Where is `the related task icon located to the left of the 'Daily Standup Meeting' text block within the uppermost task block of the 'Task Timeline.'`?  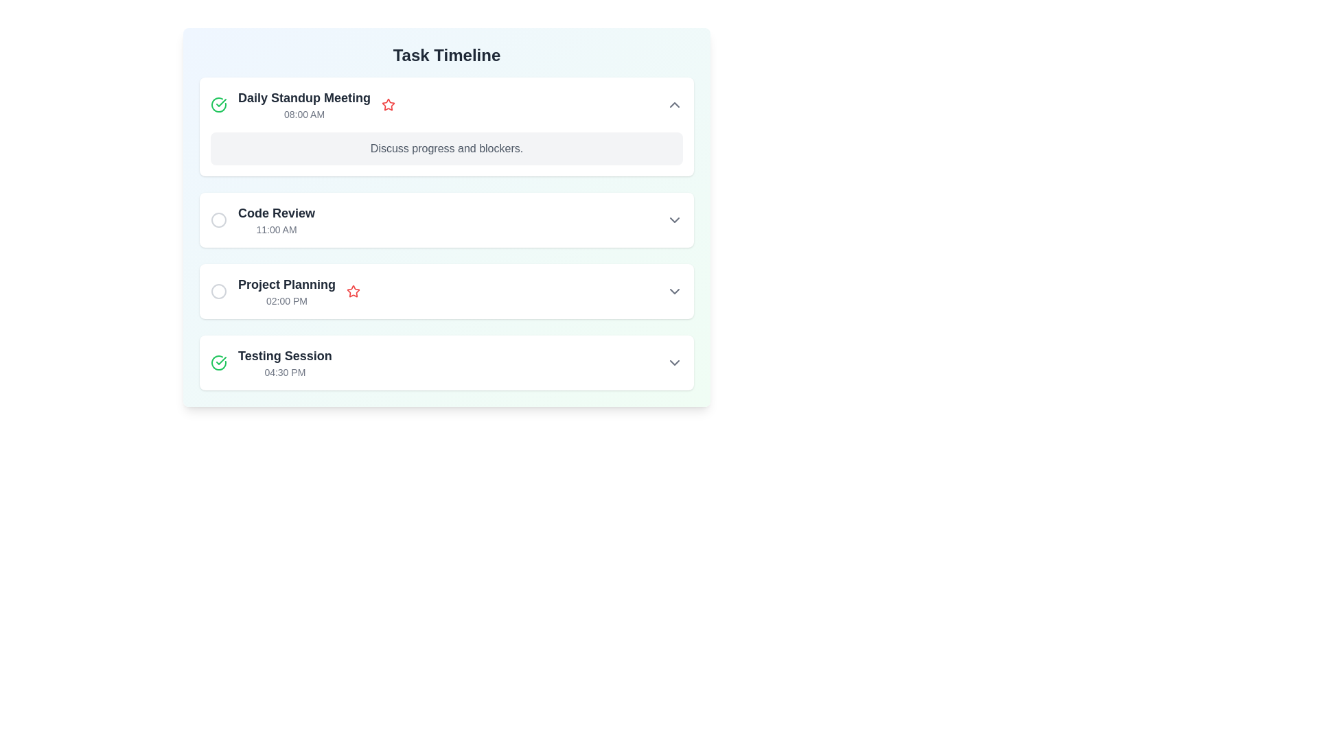
the related task icon located to the left of the 'Daily Standup Meeting' text block within the uppermost task block of the 'Task Timeline.' is located at coordinates (303, 104).